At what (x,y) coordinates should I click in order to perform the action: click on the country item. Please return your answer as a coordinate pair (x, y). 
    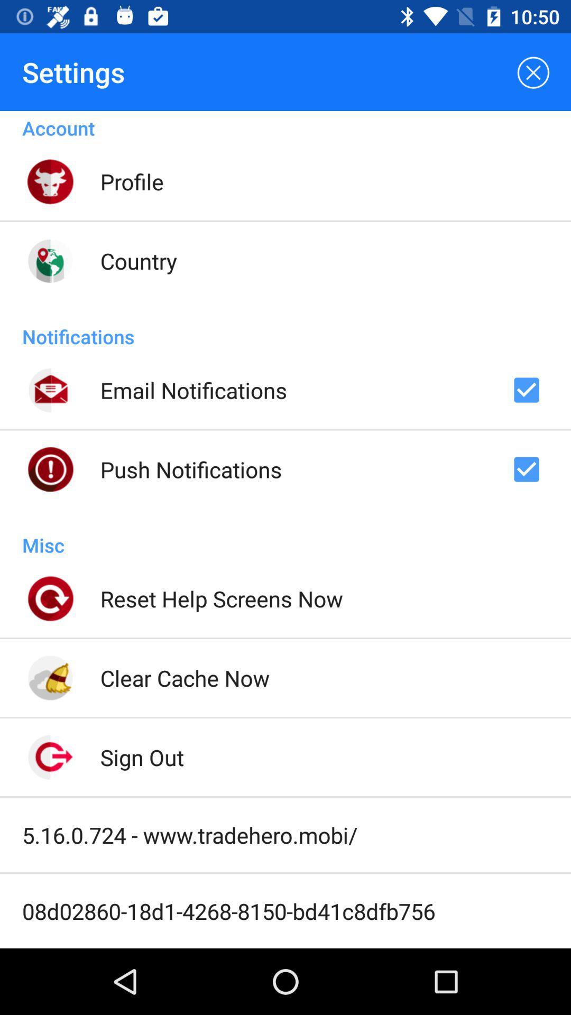
    Looking at the image, I should click on (138, 261).